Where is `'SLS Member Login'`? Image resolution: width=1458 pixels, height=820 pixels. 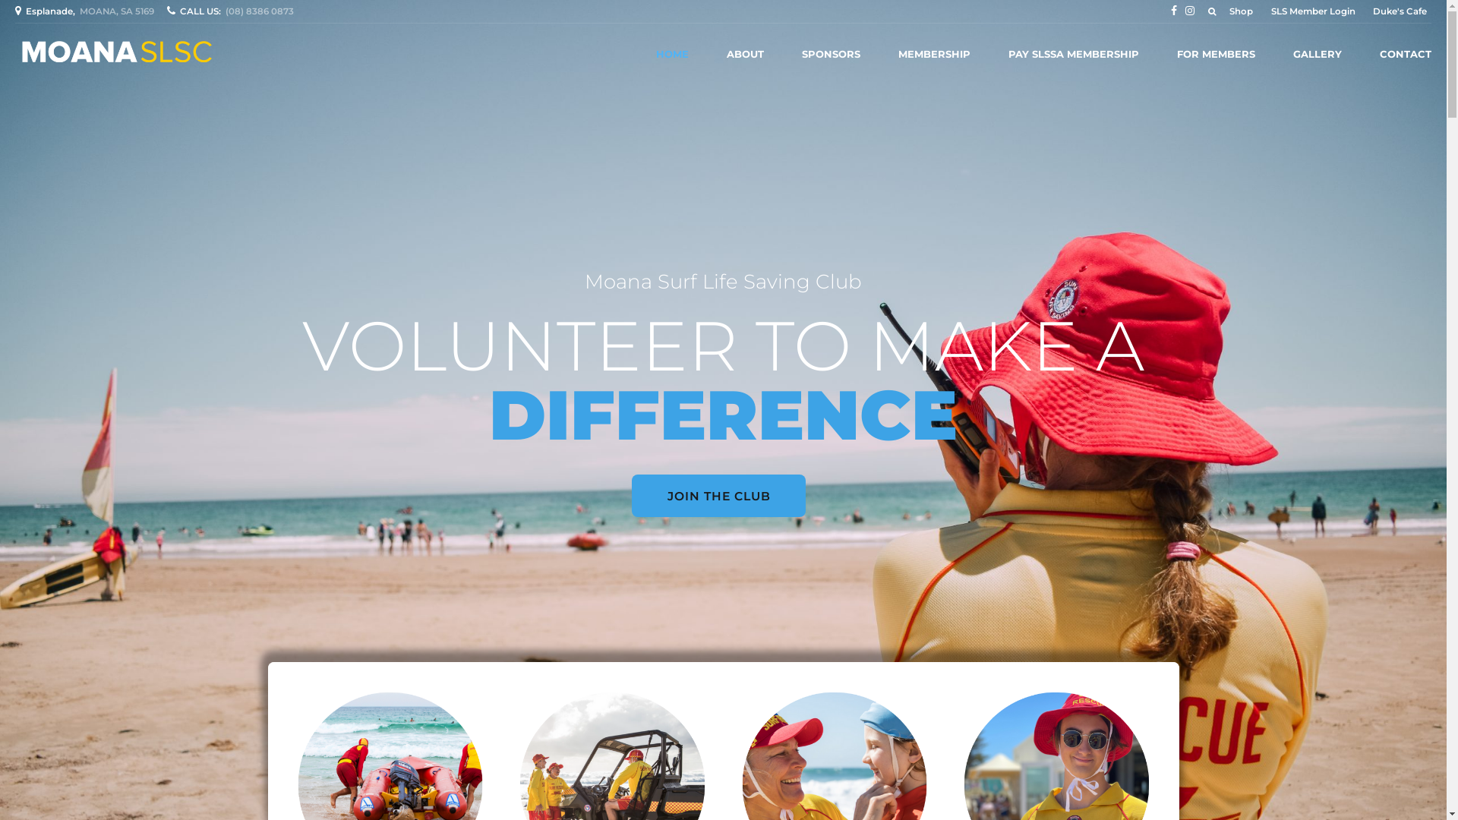
'SLS Member Login' is located at coordinates (1267, 11).